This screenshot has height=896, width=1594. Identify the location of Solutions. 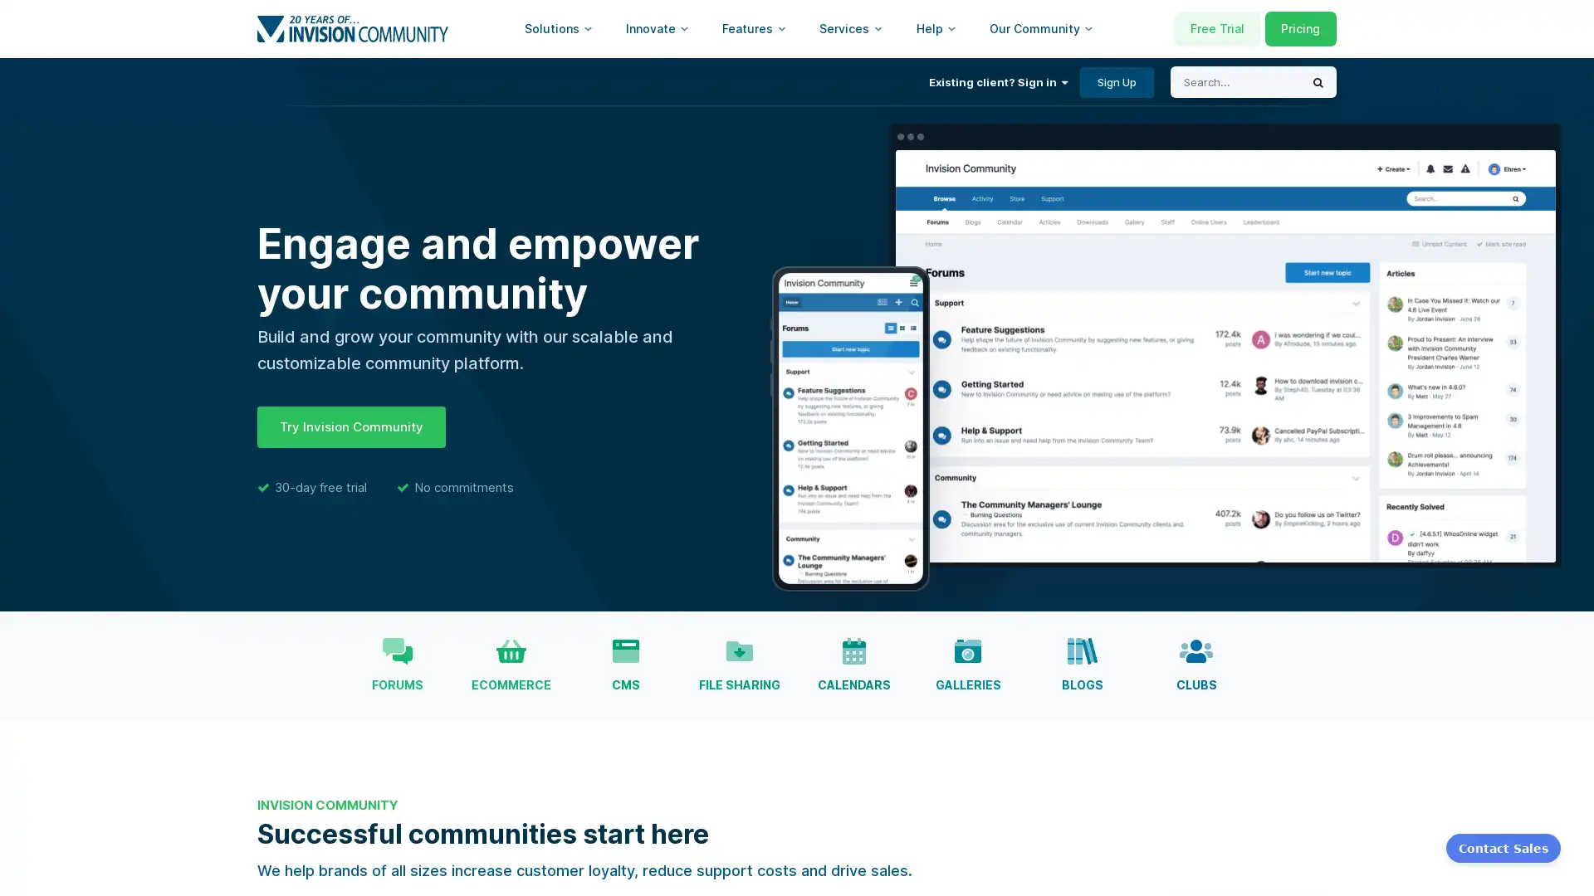
(558, 28).